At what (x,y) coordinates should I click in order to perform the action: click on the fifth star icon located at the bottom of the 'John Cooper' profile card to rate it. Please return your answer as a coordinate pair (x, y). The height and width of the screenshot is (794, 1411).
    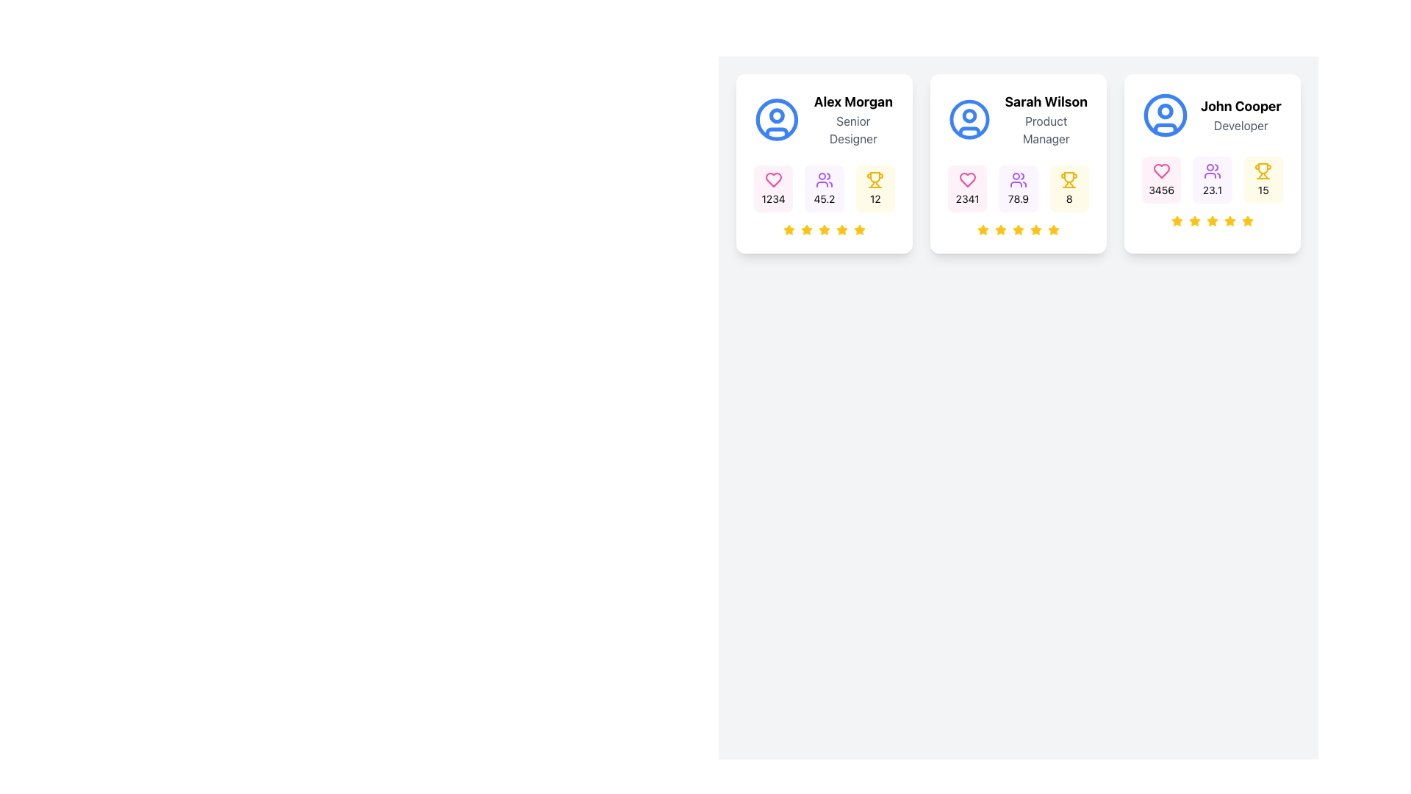
    Looking at the image, I should click on (1177, 221).